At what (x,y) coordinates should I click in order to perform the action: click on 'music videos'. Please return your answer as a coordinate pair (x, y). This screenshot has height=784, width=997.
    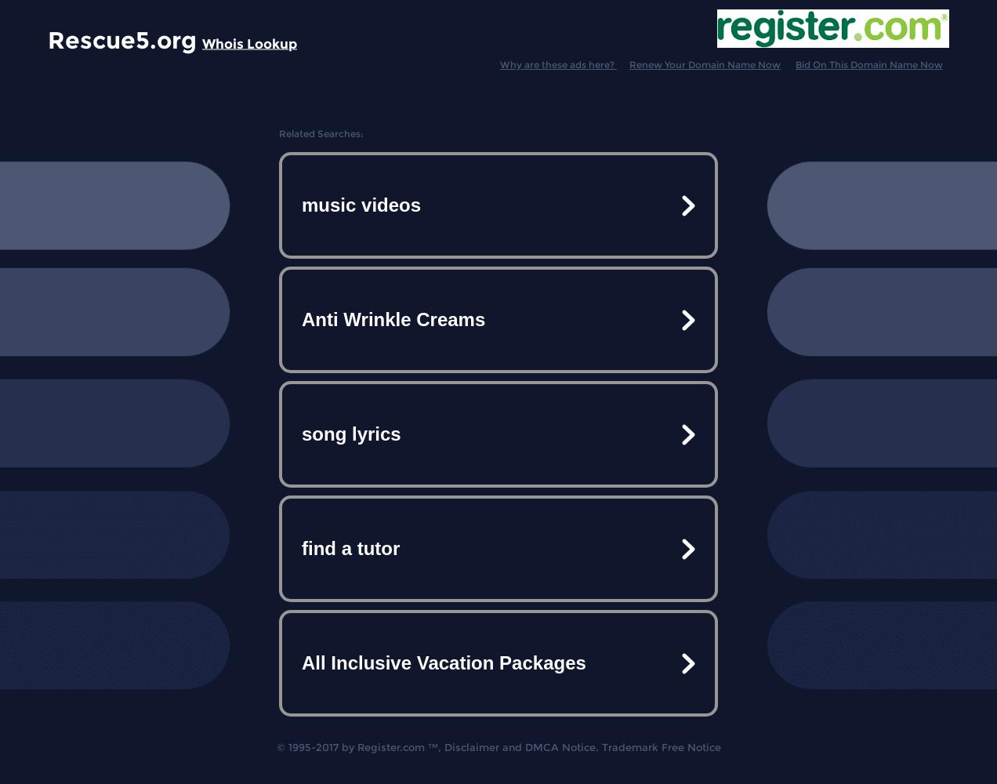
    Looking at the image, I should click on (360, 205).